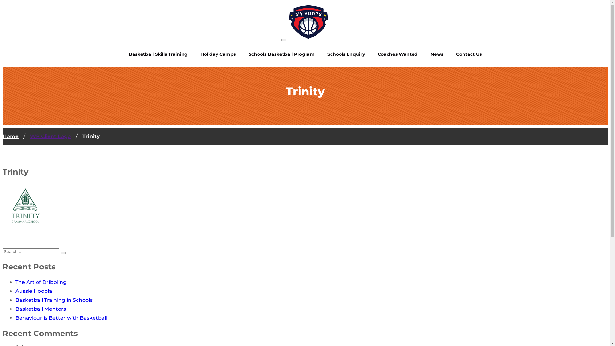 This screenshot has width=615, height=346. Describe the element at coordinates (436, 54) in the screenshot. I see `'News'` at that location.